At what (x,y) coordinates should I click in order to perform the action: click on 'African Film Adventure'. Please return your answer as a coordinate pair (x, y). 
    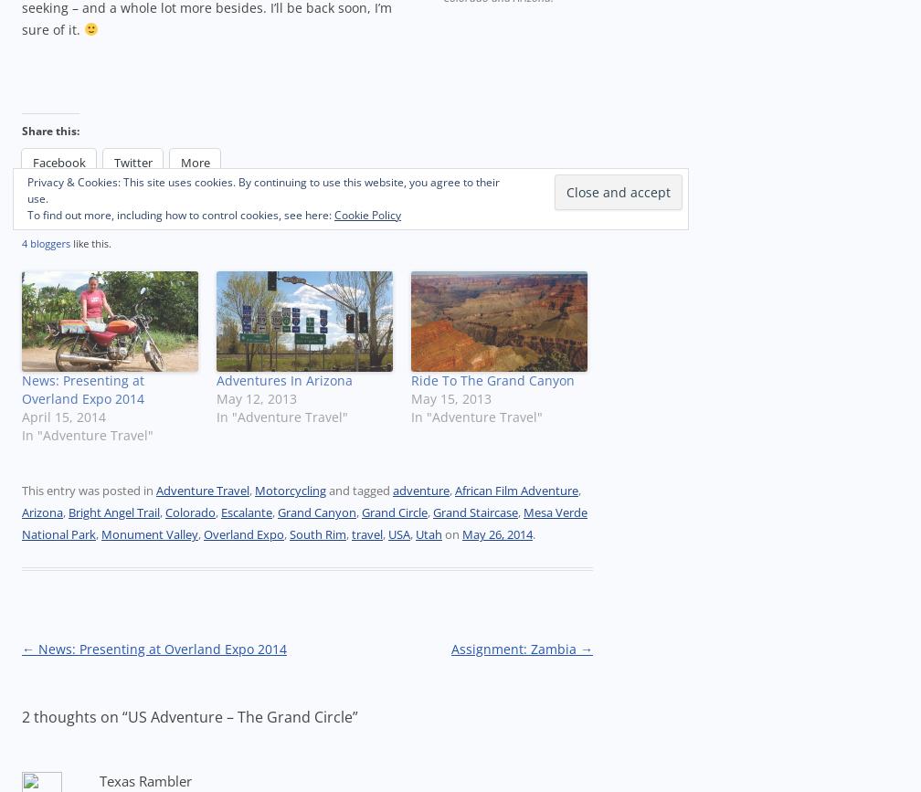
    Looking at the image, I should click on (516, 490).